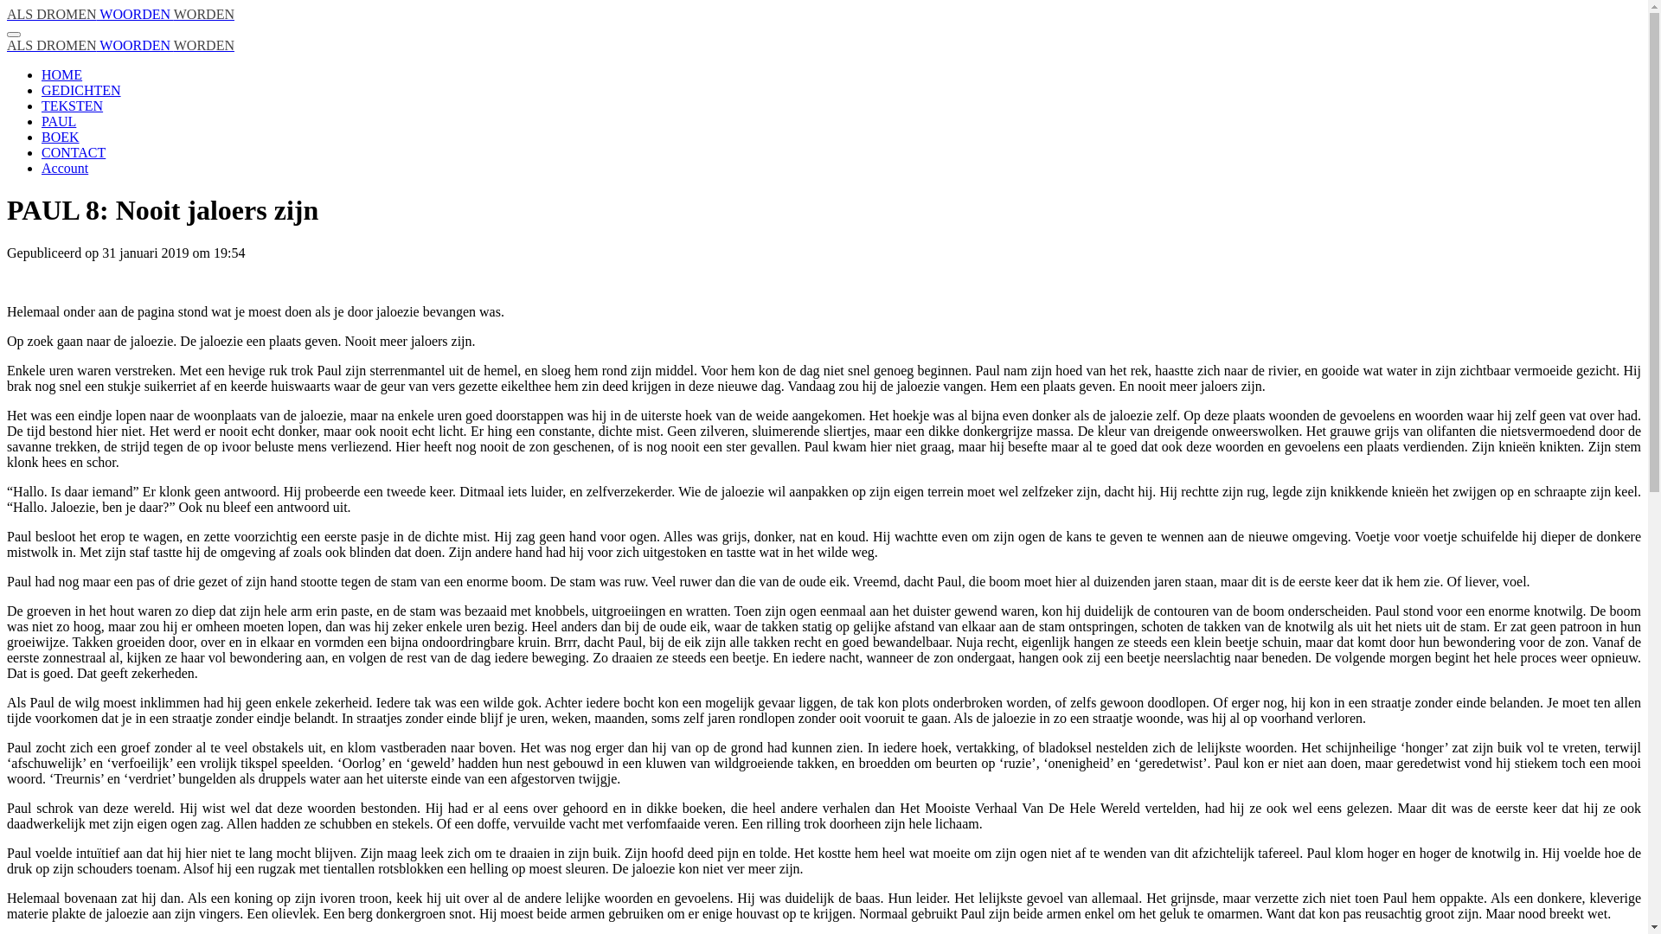 The height and width of the screenshot is (934, 1661). What do you see at coordinates (61, 136) in the screenshot?
I see `'BOEK'` at bounding box center [61, 136].